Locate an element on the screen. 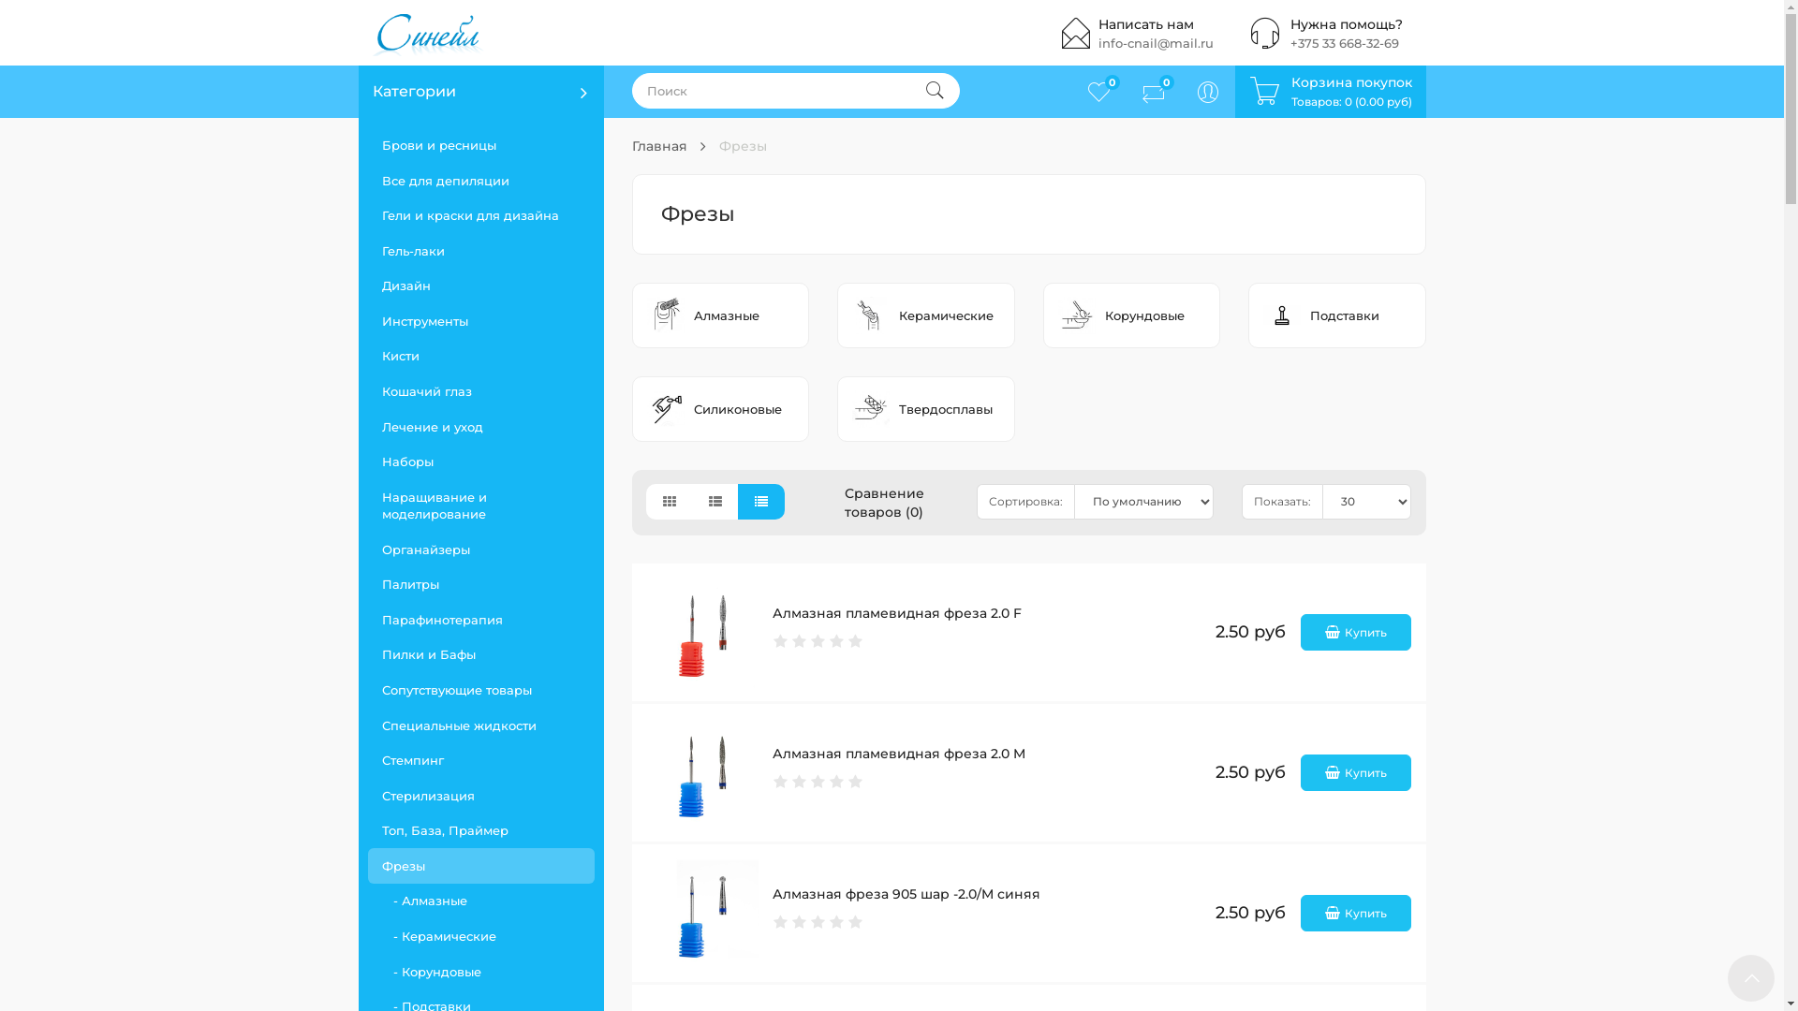 This screenshot has width=1798, height=1011. 'info-cnail@mail.ru' is located at coordinates (1097, 42).